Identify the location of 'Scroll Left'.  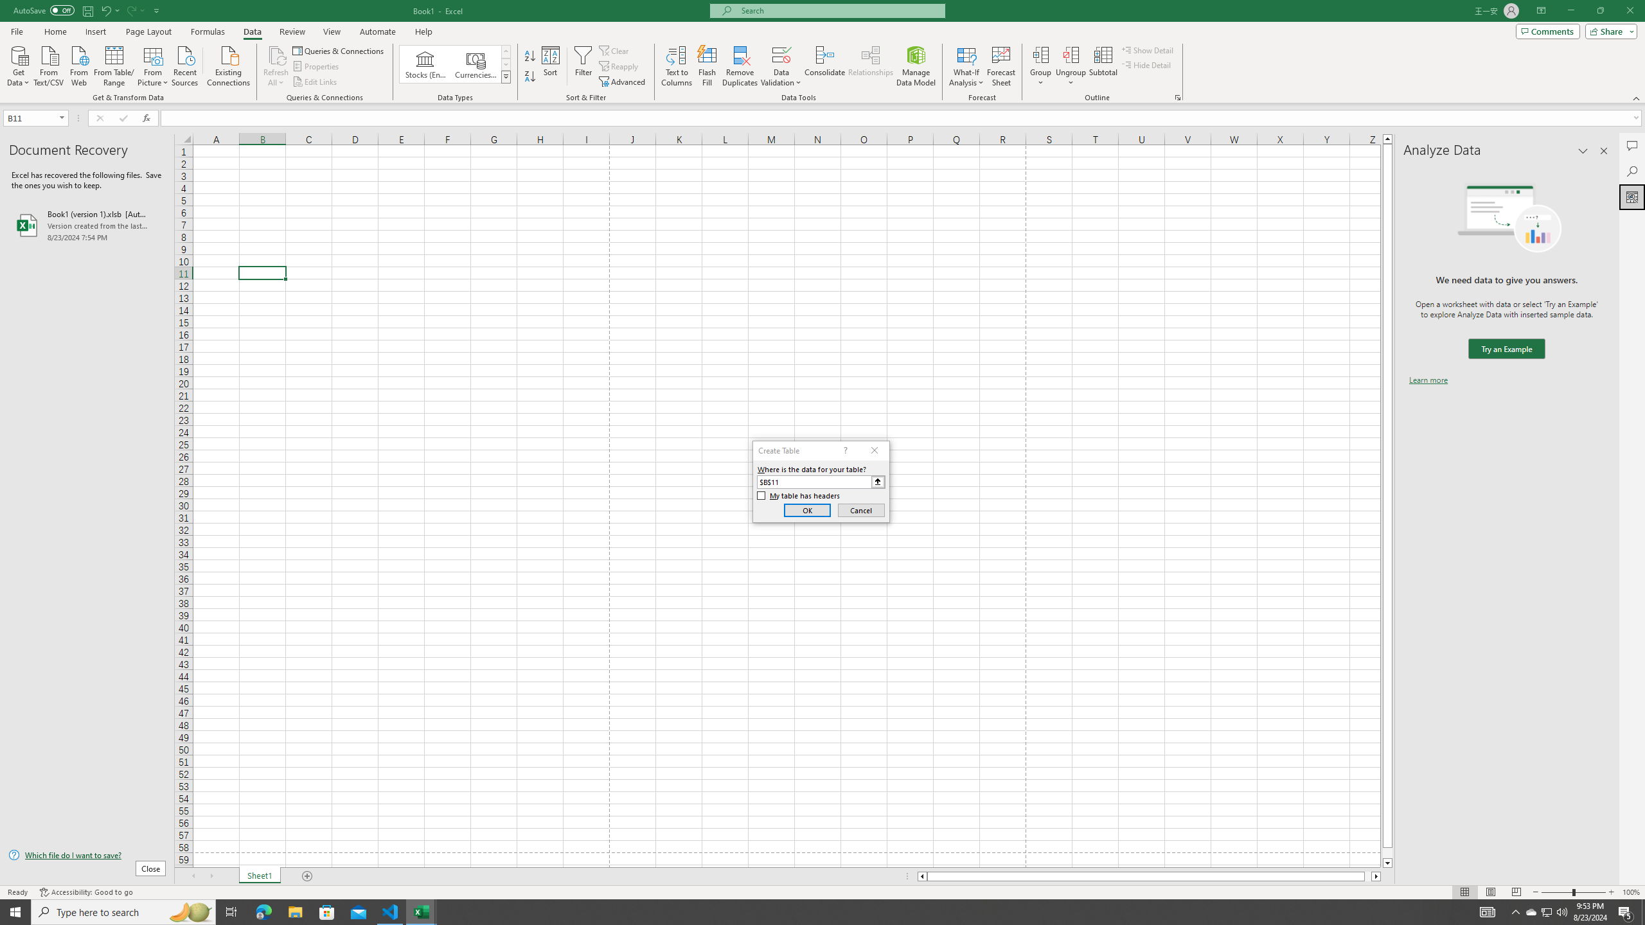
(192, 876).